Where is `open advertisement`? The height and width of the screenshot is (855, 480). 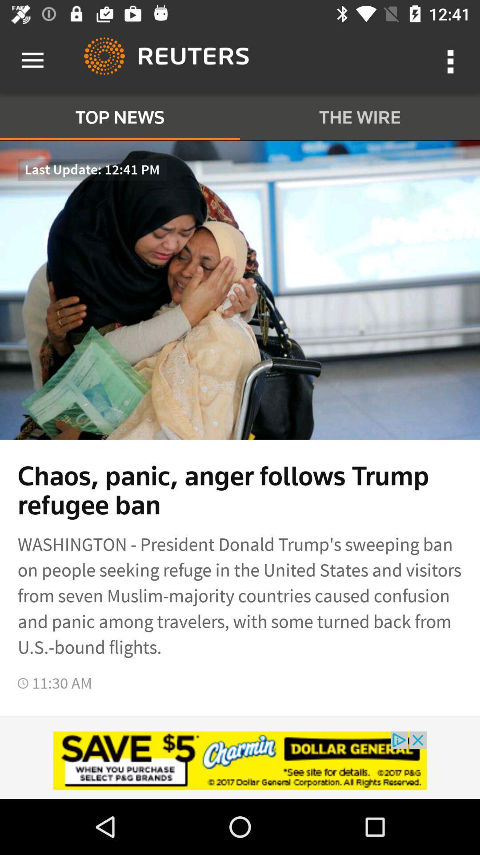 open advertisement is located at coordinates (240, 760).